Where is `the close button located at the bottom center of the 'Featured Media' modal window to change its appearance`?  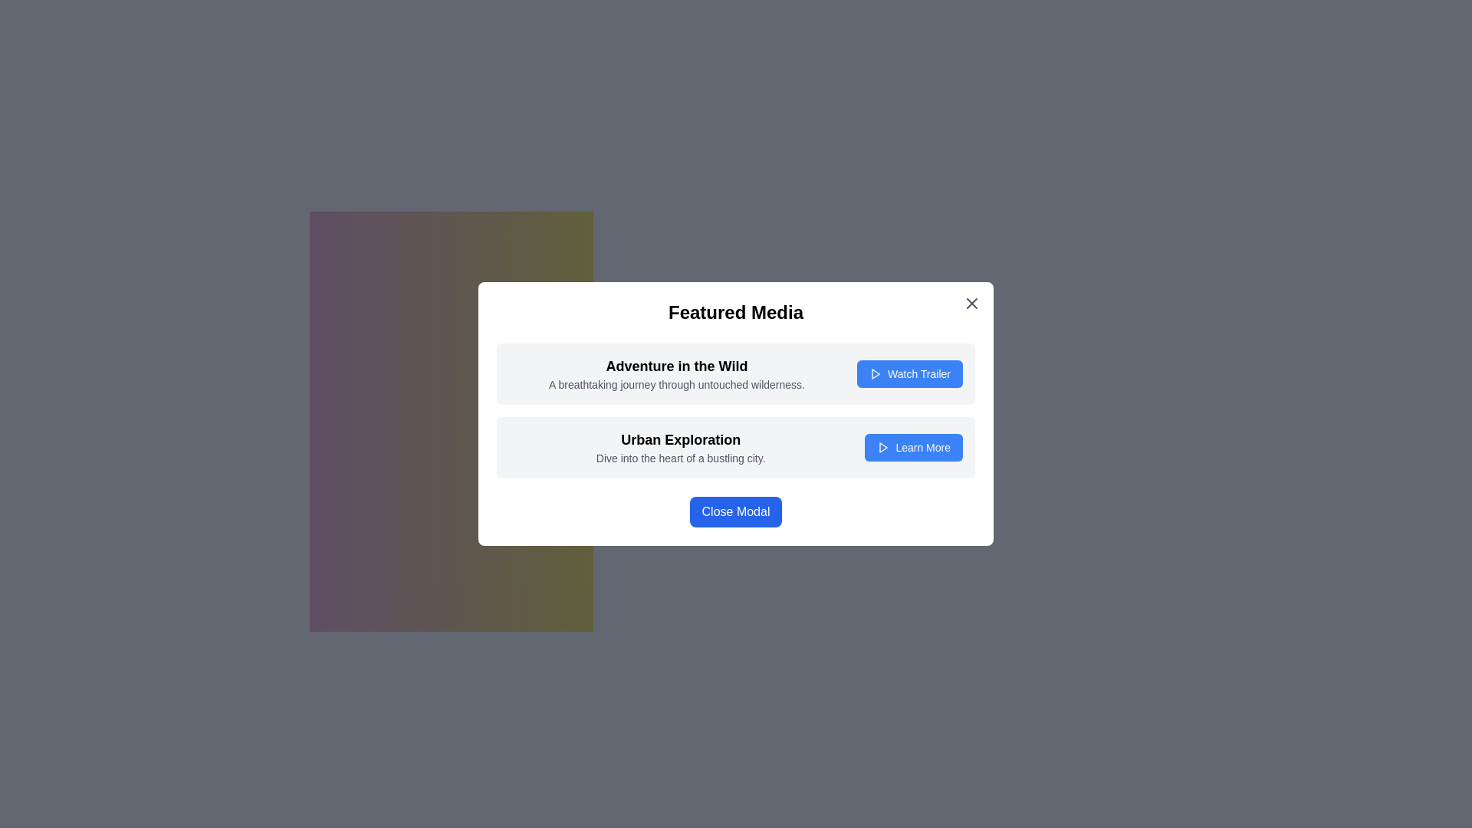 the close button located at the bottom center of the 'Featured Media' modal window to change its appearance is located at coordinates (736, 511).